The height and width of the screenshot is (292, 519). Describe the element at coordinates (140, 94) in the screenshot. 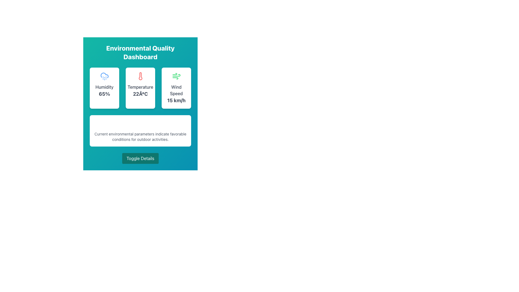

I see `current temperature displayed in the static Text label located in the 'Temperature' card on the dashboard, positioned centrally between the 'Humidity' and 'Wind Speed' cards` at that location.